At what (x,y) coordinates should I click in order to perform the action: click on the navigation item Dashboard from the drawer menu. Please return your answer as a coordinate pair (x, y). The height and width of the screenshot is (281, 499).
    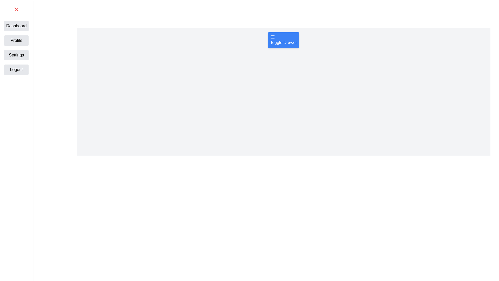
    Looking at the image, I should click on (16, 26).